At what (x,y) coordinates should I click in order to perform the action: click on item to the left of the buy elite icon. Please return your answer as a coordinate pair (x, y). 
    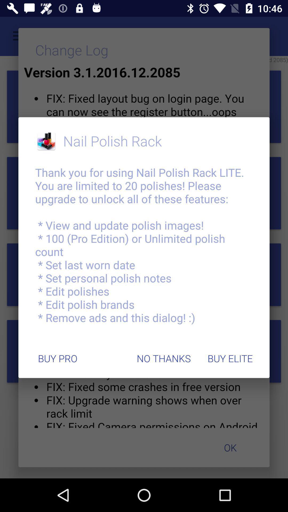
    Looking at the image, I should click on (163, 358).